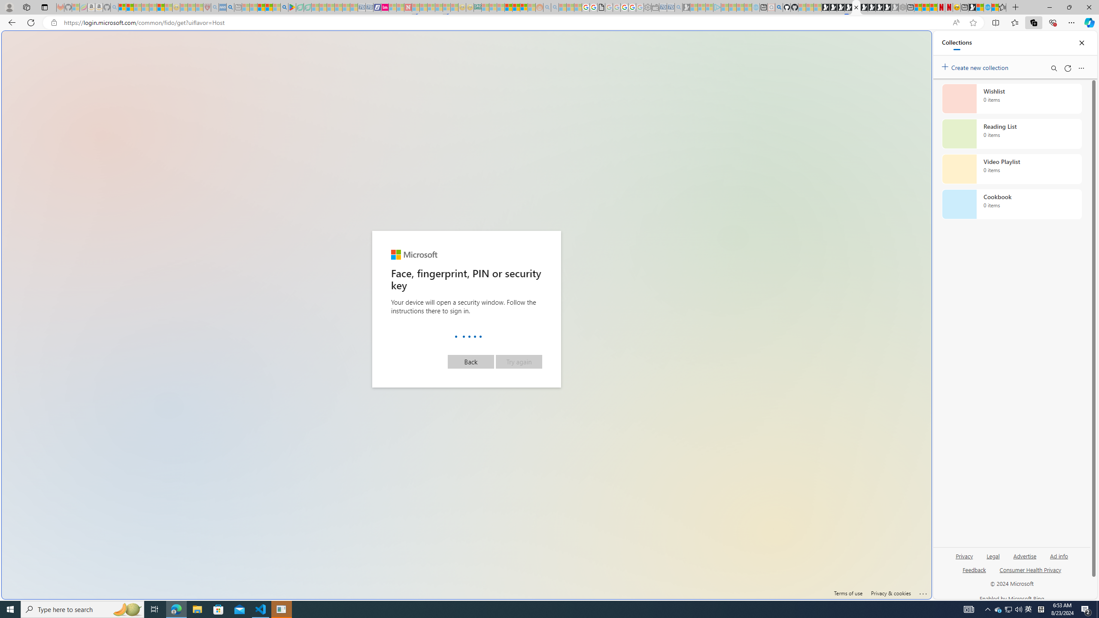  What do you see at coordinates (647, 7) in the screenshot?
I see `'Settings - Sleeping'` at bounding box center [647, 7].